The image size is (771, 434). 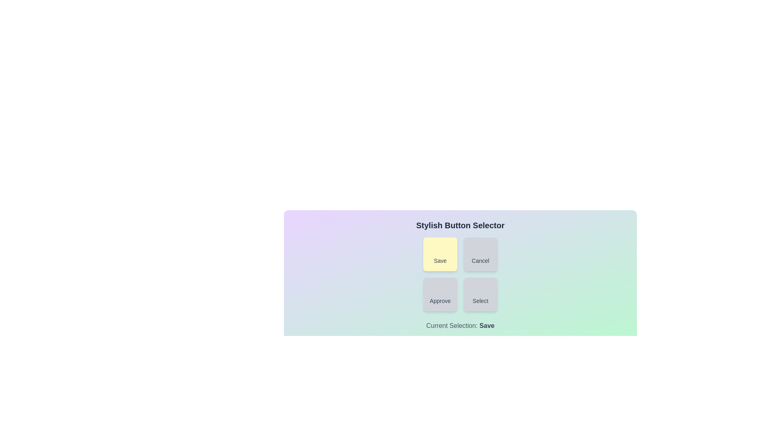 I want to click on the Select button to change the current selection, so click(x=480, y=294).